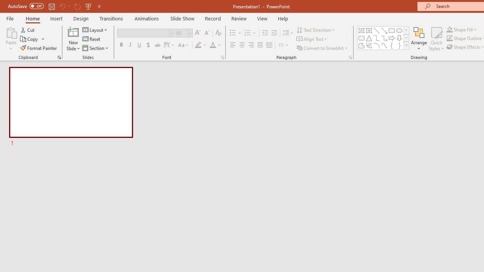 The image size is (484, 272). What do you see at coordinates (406, 30) in the screenshot?
I see `'Row up'` at bounding box center [406, 30].